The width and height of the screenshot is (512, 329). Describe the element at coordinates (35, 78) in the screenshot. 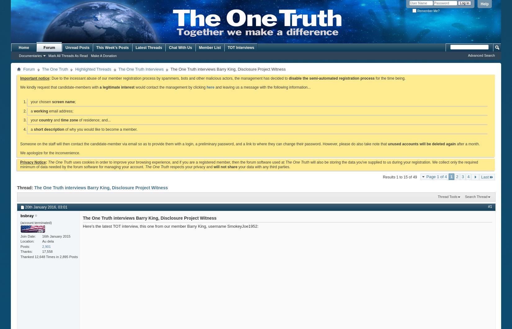

I see `'Important notice'` at that location.